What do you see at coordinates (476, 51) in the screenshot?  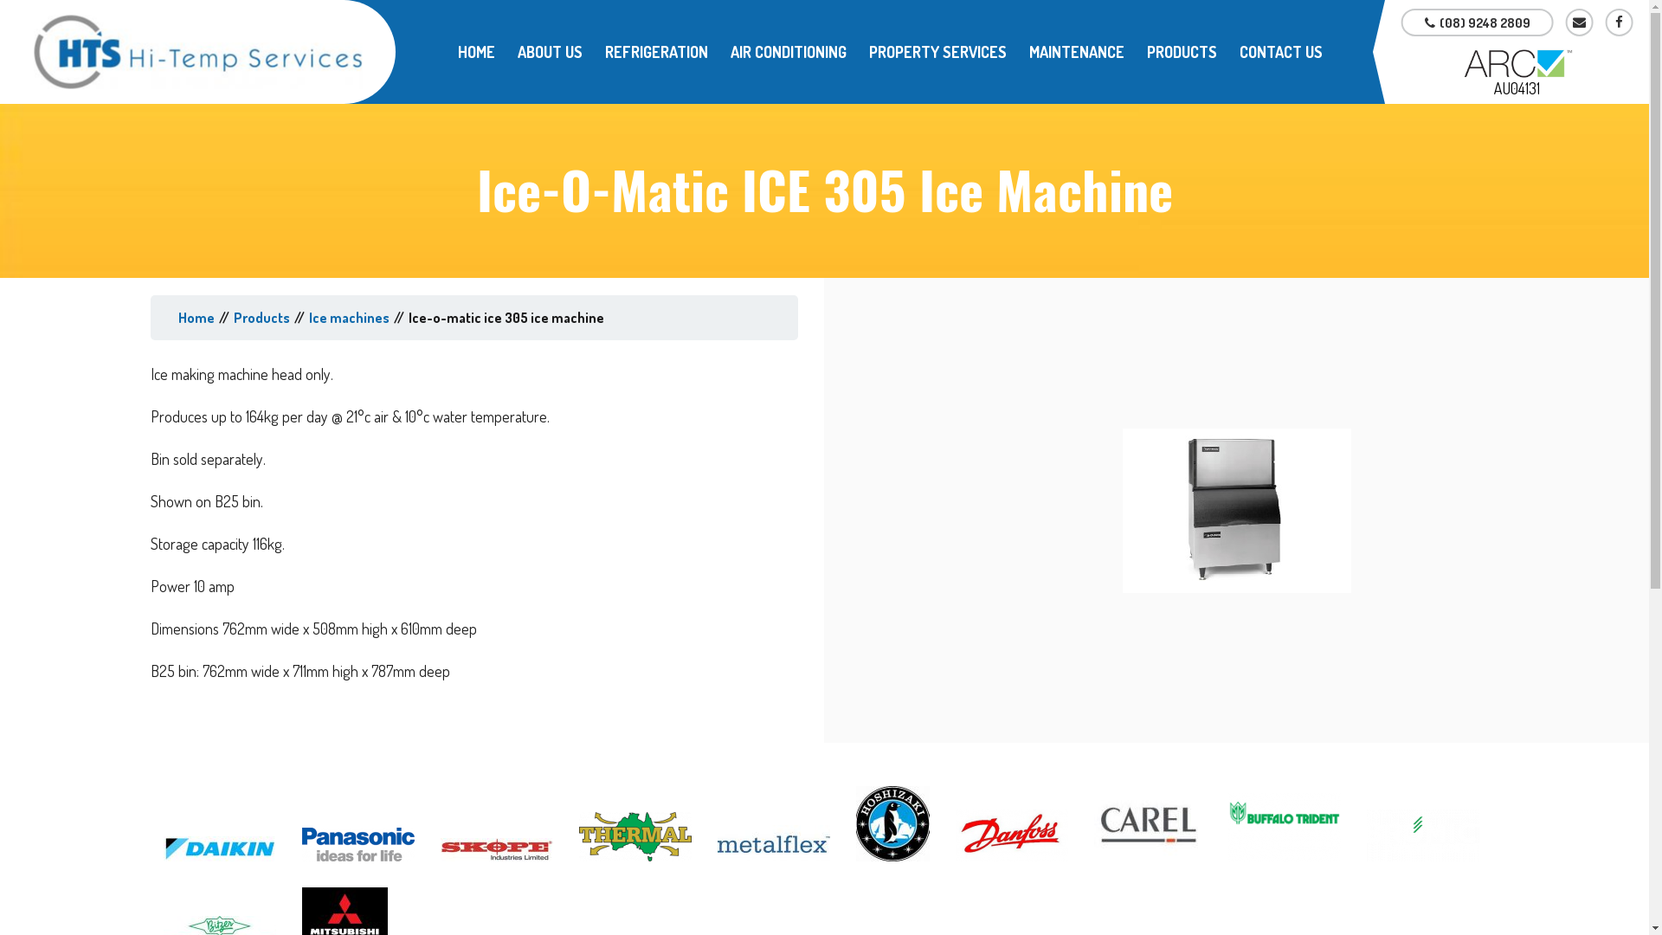 I see `'HOME'` at bounding box center [476, 51].